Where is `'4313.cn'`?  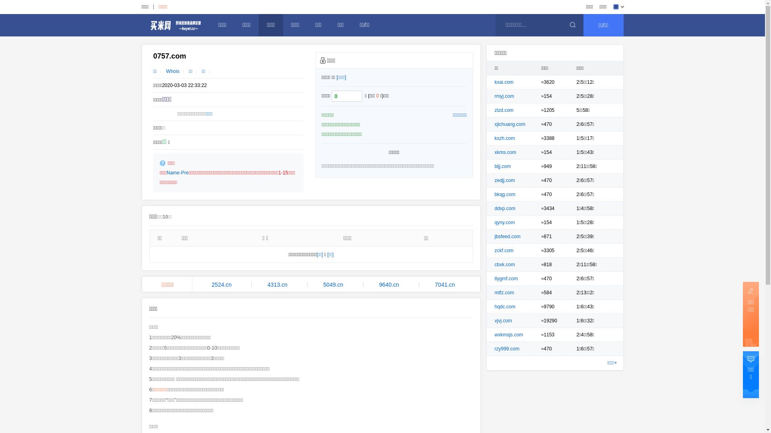
'4313.cn' is located at coordinates (277, 284).